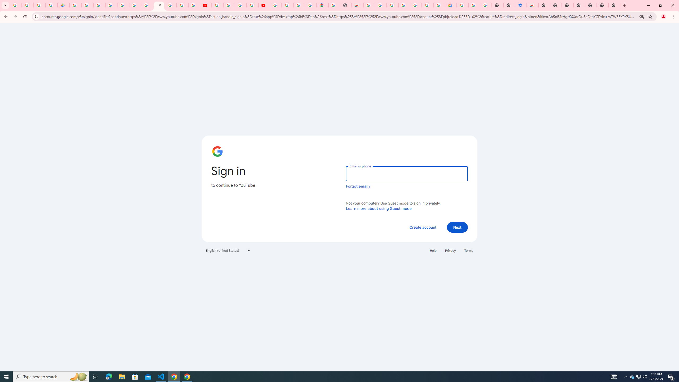 This screenshot has width=679, height=382. Describe the element at coordinates (381, 5) in the screenshot. I see `'Ad Settings'` at that location.